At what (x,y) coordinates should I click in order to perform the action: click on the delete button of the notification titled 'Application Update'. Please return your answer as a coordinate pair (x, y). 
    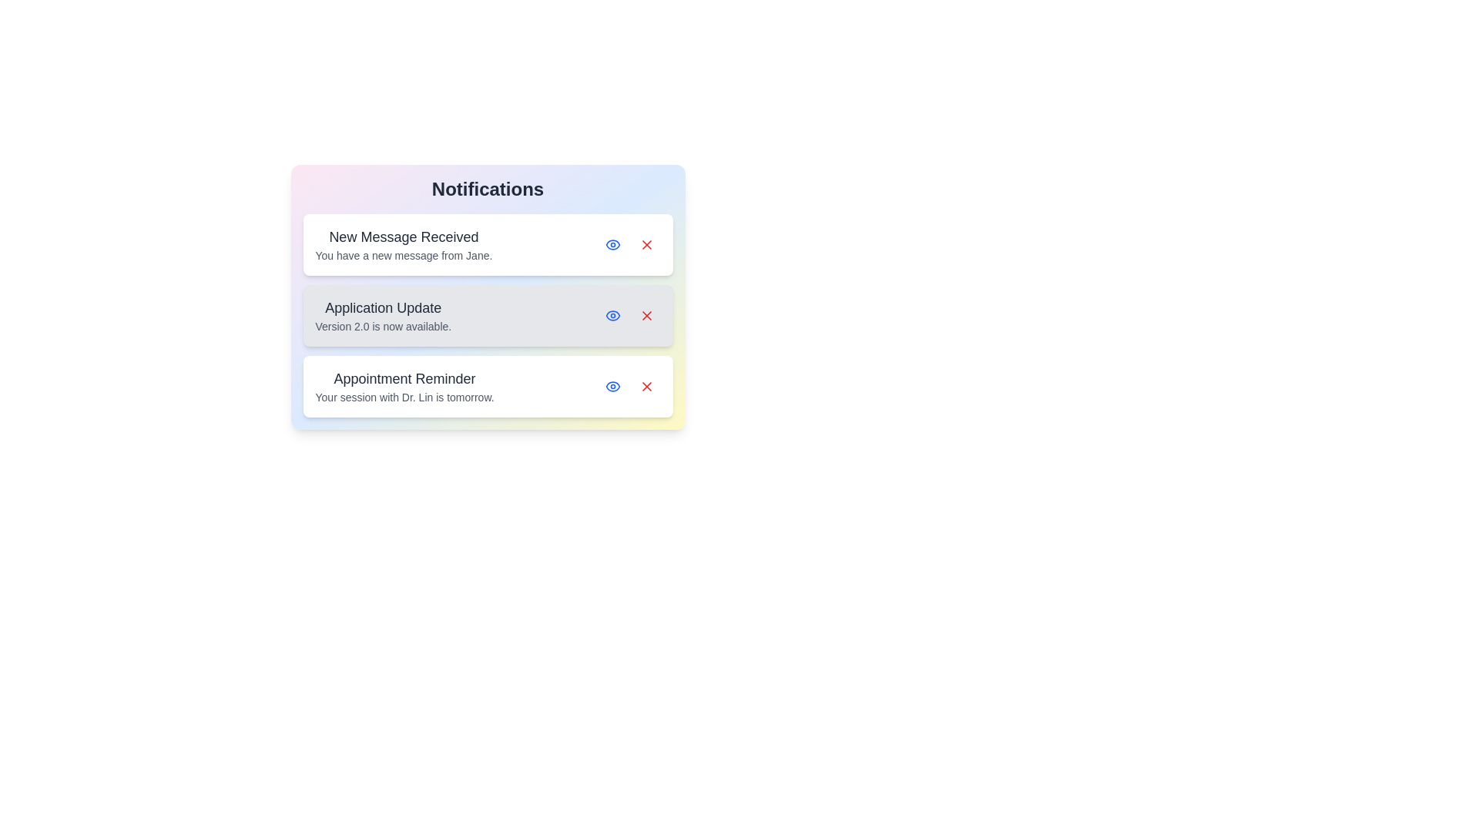
    Looking at the image, I should click on (646, 314).